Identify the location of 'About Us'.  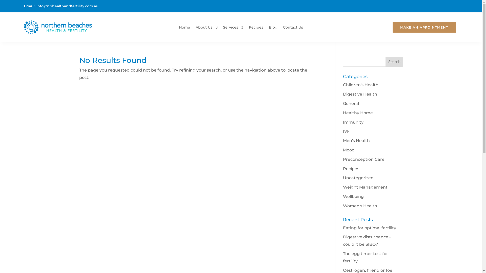
(207, 28).